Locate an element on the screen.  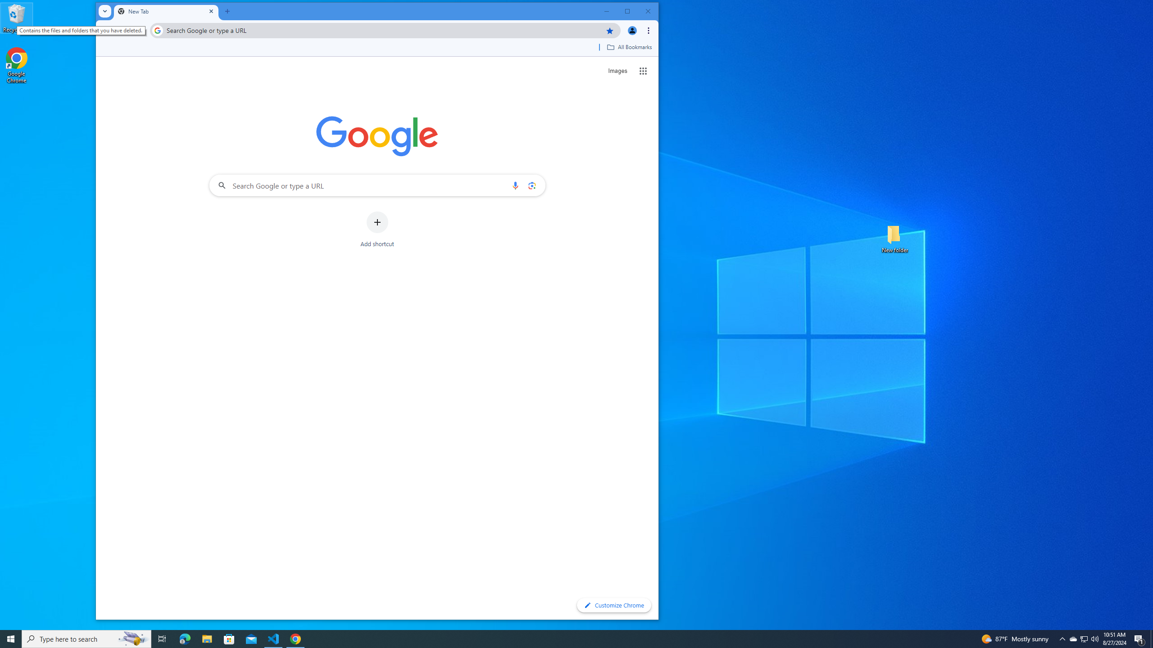
'Recycle Bin' is located at coordinates (16, 17).